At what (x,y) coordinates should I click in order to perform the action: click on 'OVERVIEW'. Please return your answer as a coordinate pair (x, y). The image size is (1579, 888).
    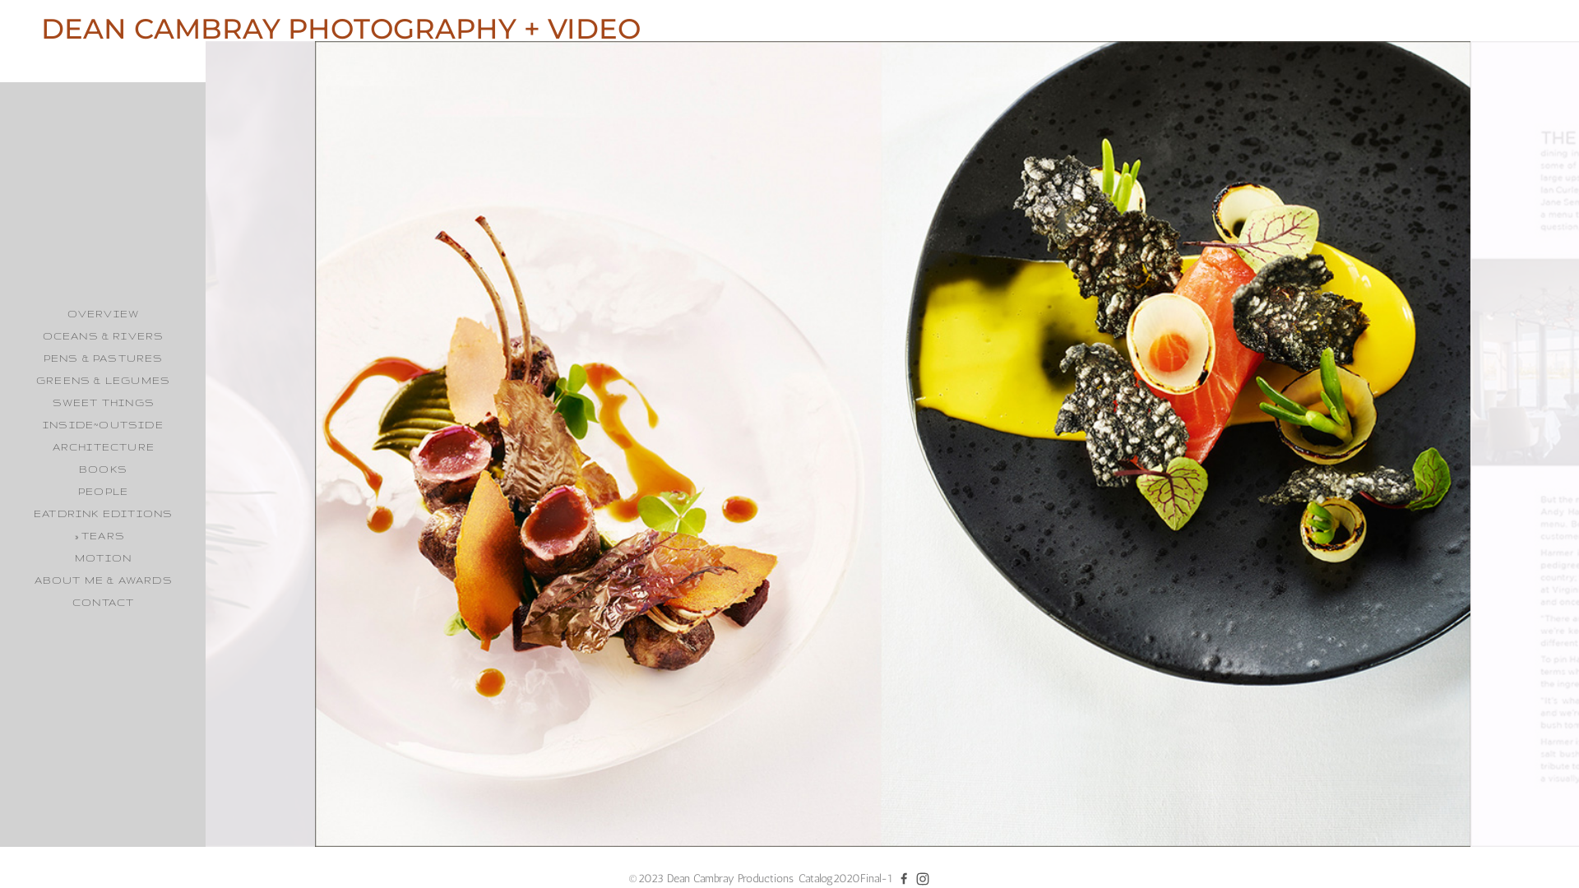
    Looking at the image, I should click on (102, 313).